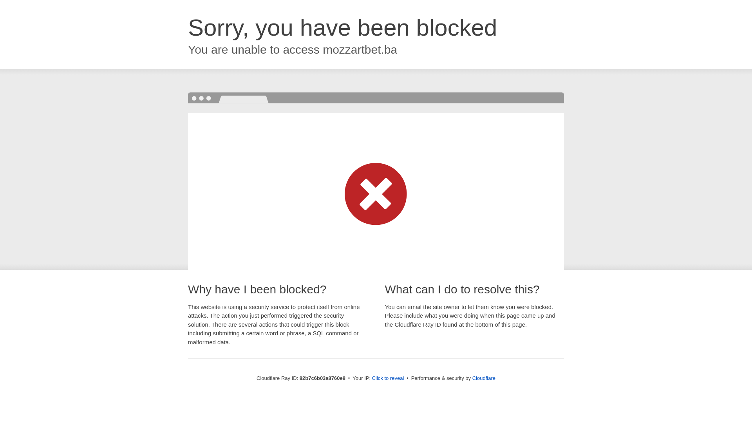 This screenshot has height=423, width=752. Describe the element at coordinates (483, 378) in the screenshot. I see `'Cloudflare'` at that location.